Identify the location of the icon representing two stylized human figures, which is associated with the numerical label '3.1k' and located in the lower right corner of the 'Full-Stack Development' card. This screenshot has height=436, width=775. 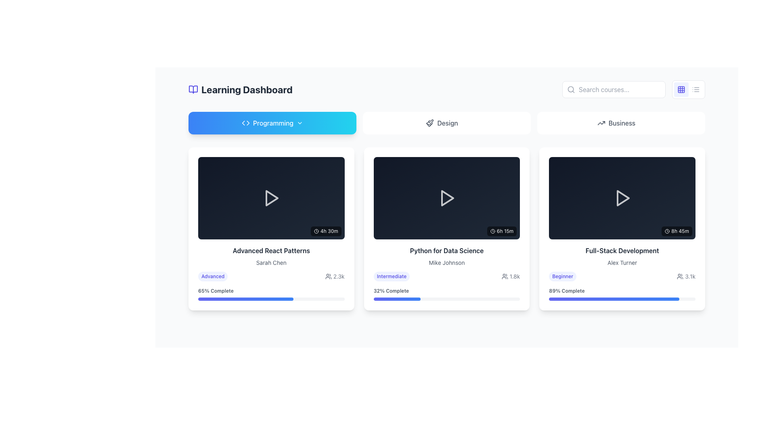
(680, 276).